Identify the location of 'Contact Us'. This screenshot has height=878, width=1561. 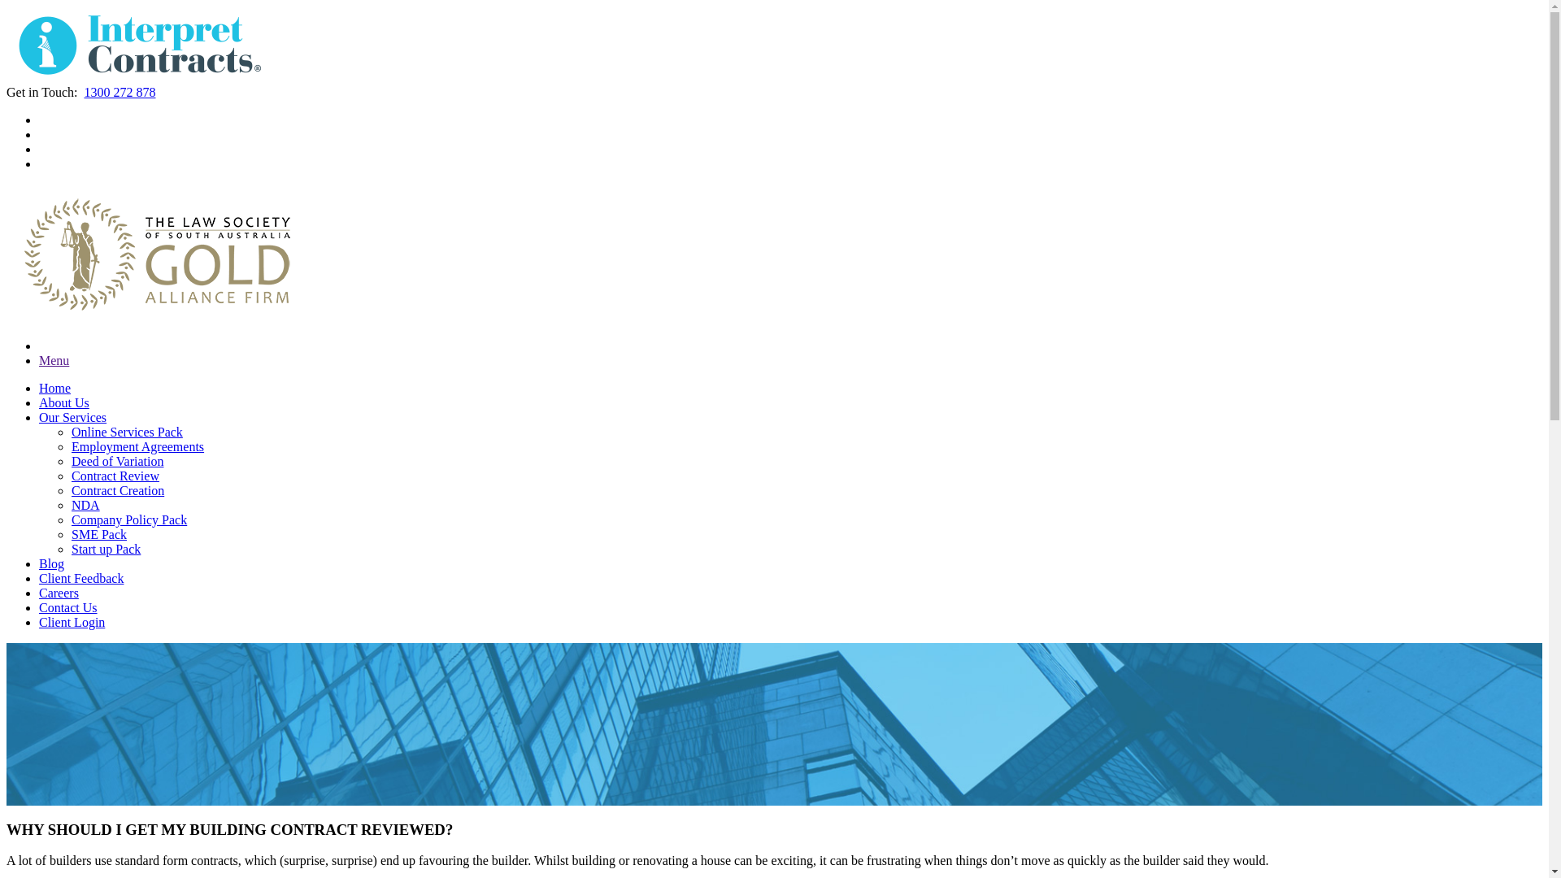
(67, 607).